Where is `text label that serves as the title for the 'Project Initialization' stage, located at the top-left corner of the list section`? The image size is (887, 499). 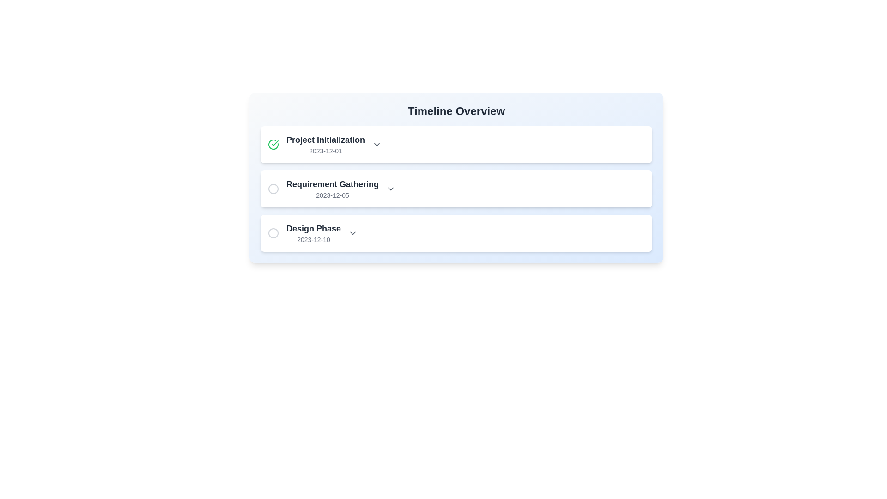
text label that serves as the title for the 'Project Initialization' stage, located at the top-left corner of the list section is located at coordinates (326, 140).